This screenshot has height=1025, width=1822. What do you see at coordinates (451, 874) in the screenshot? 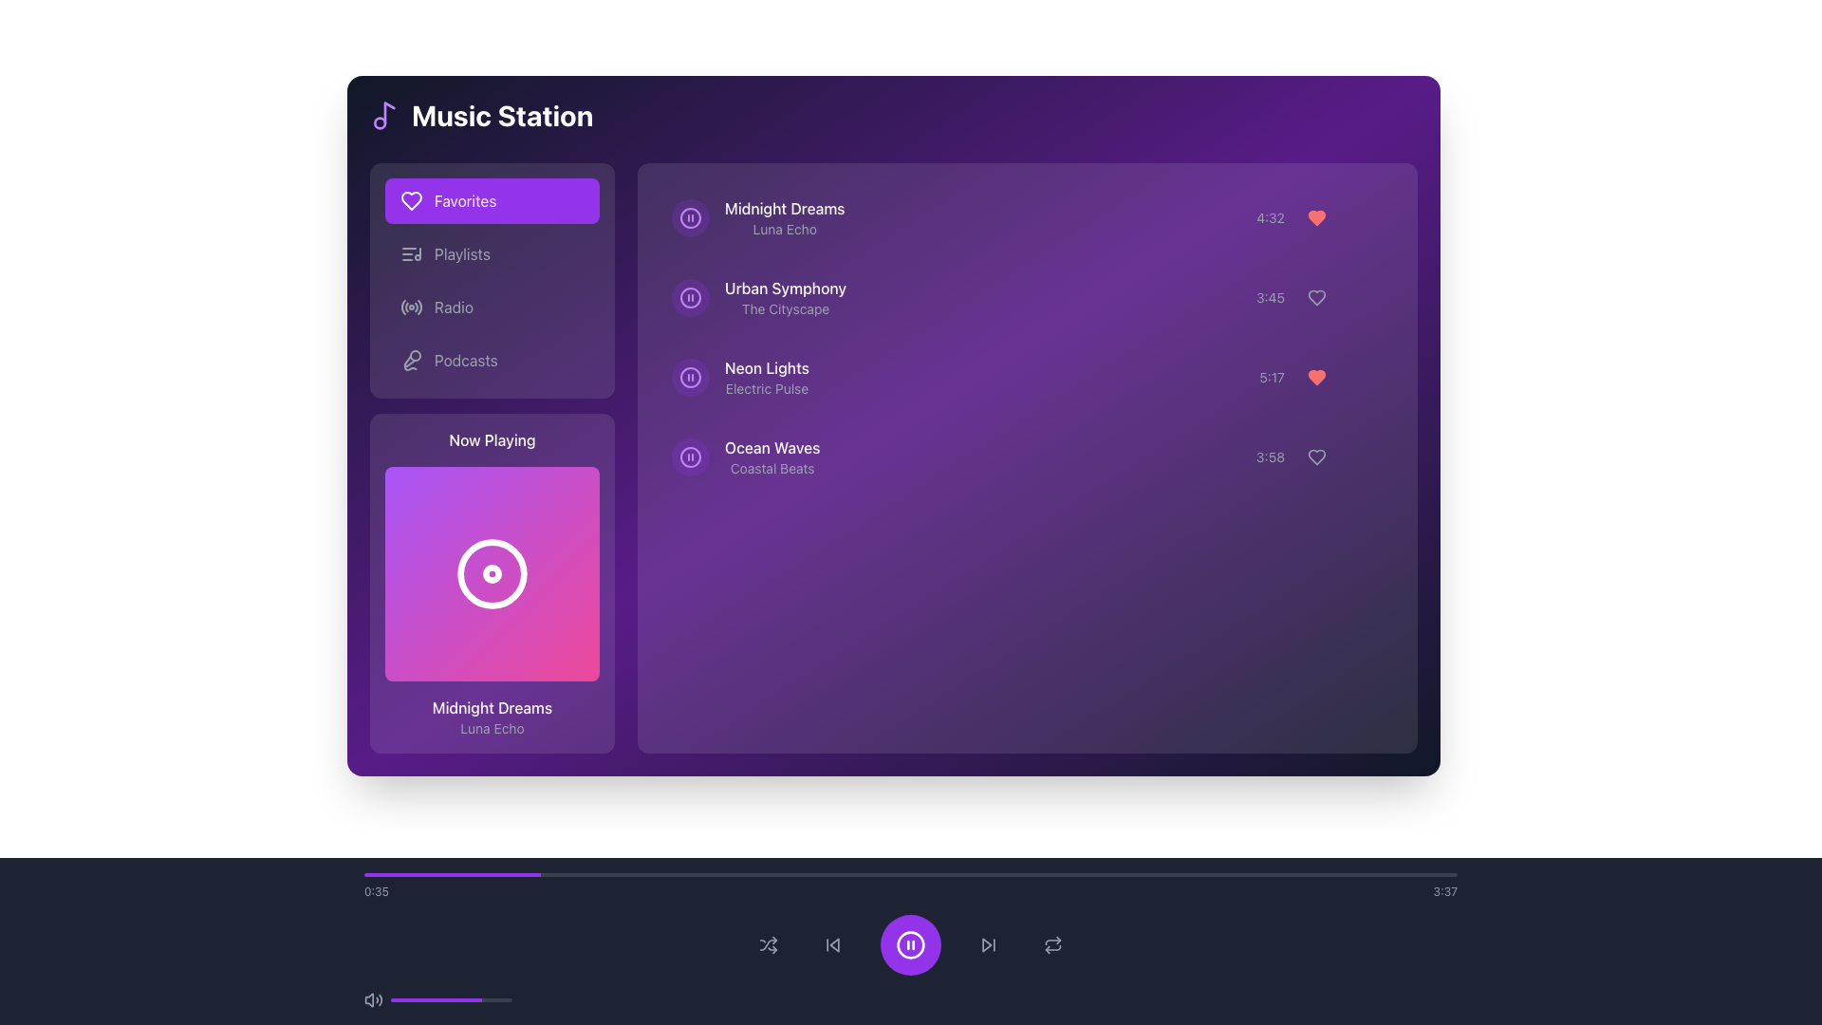
I see `the Progress Bar Segment that visually represents the current state of playback progress in the media player interface` at bounding box center [451, 874].